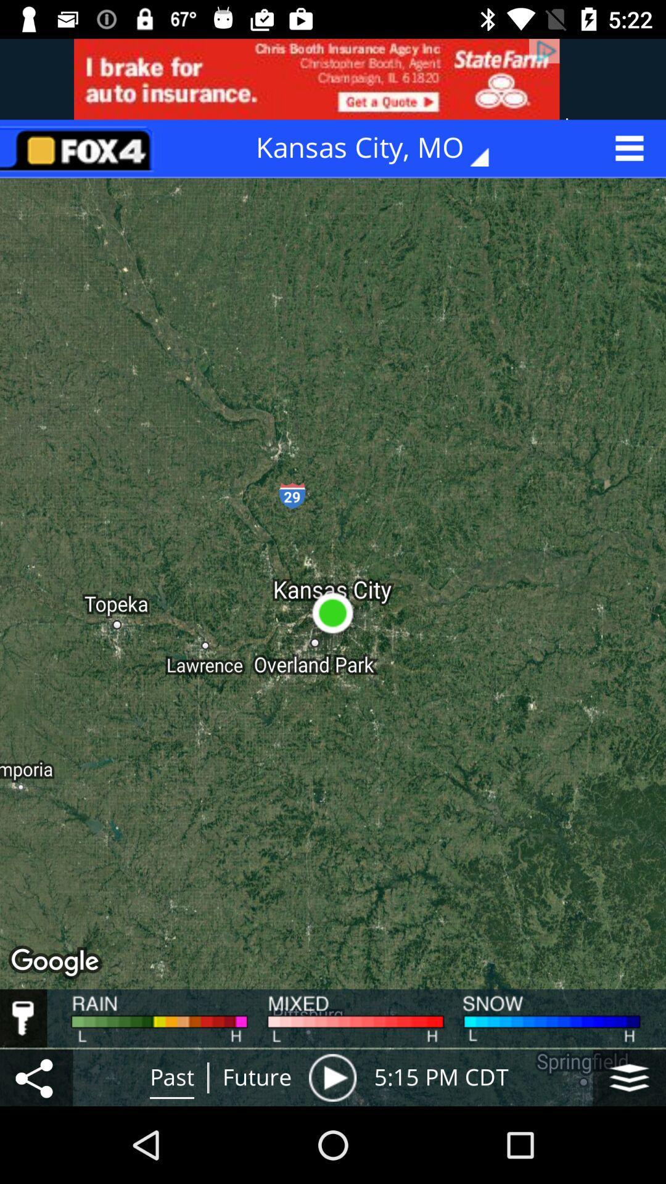  What do you see at coordinates (332, 1077) in the screenshot?
I see `reproduce` at bounding box center [332, 1077].